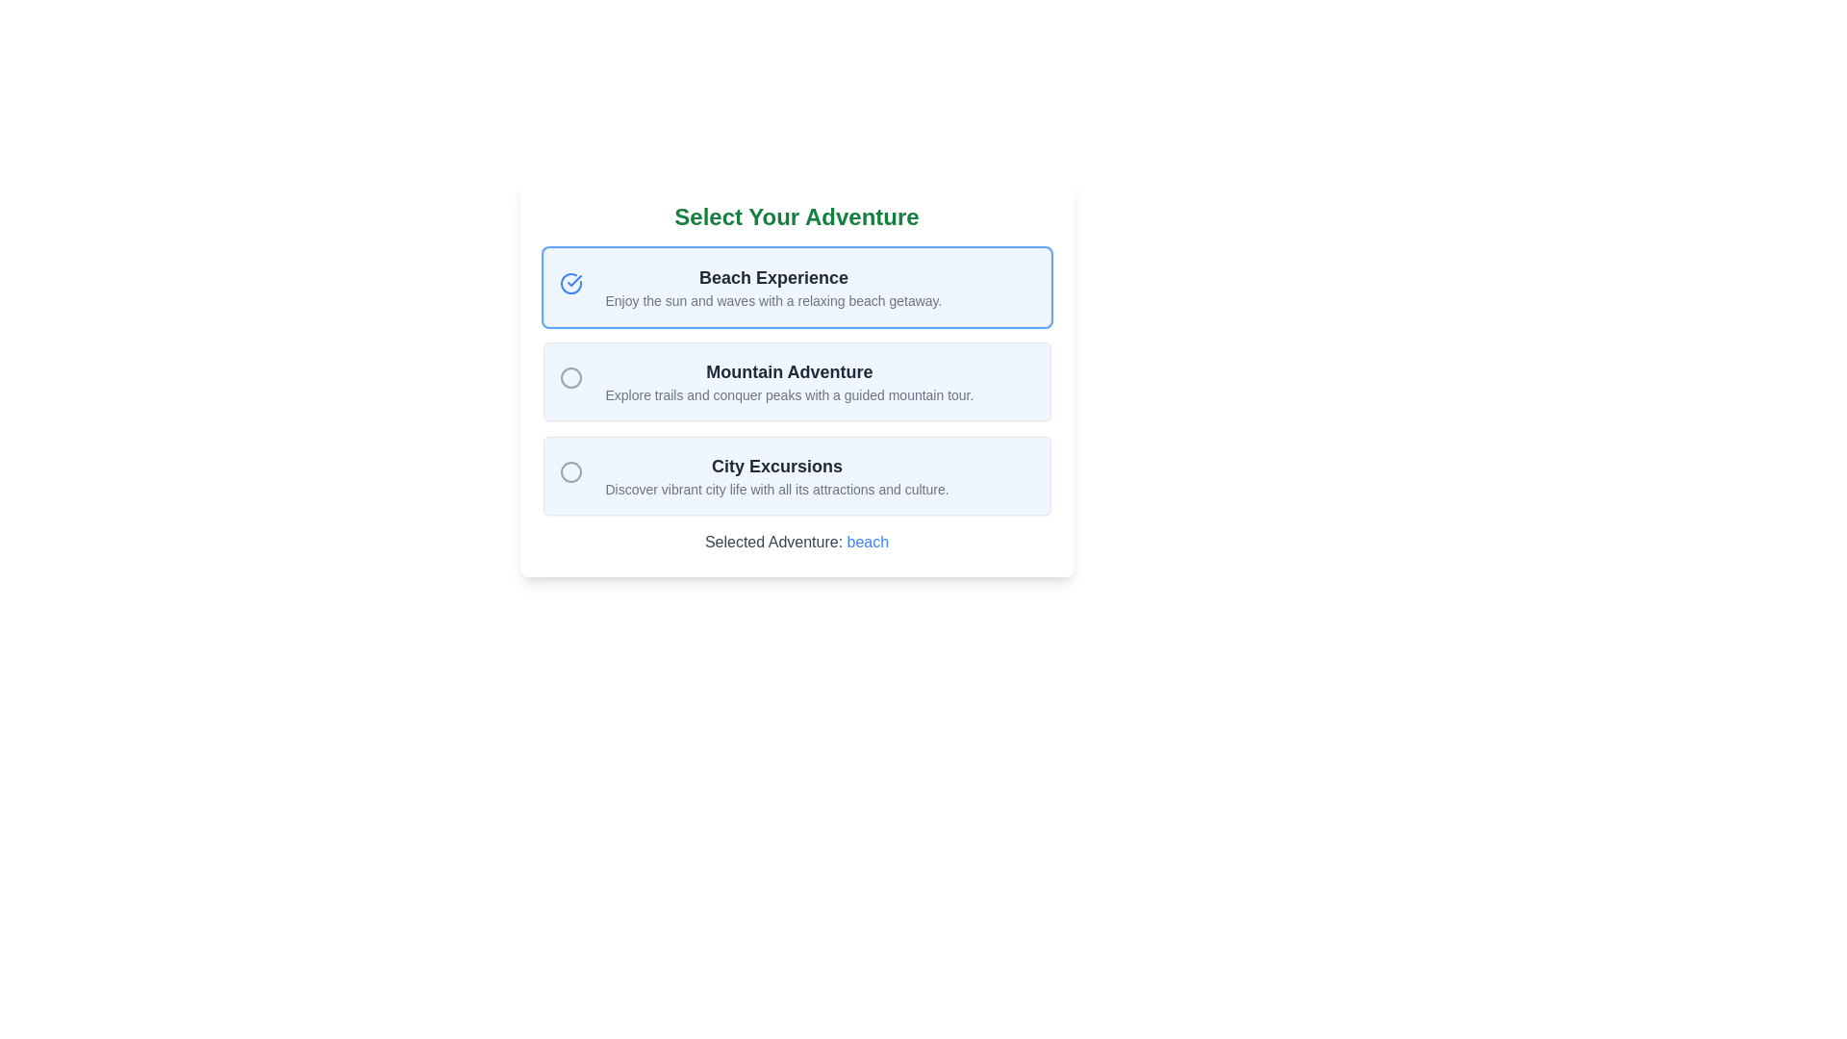  I want to click on the state of the circular blue checkmark icon with a white background that appears in the top-left corner of the 'Beach Experience' selection box, so click(569, 283).